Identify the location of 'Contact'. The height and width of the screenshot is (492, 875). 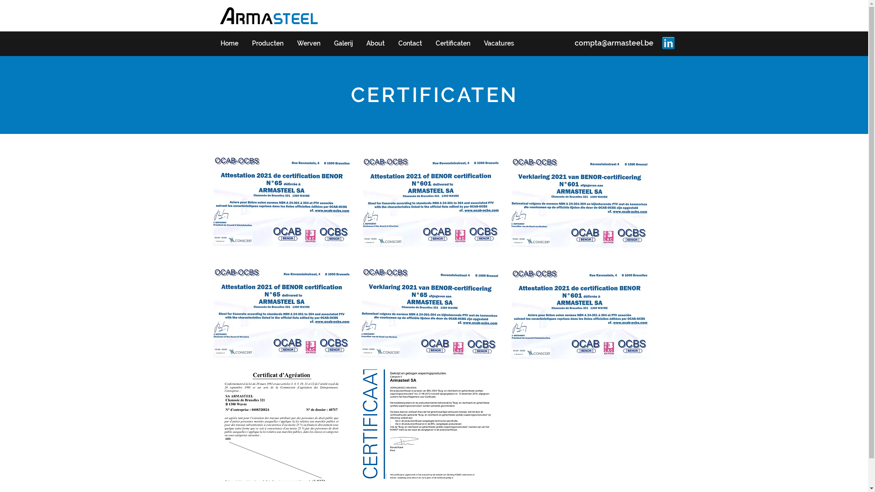
(391, 43).